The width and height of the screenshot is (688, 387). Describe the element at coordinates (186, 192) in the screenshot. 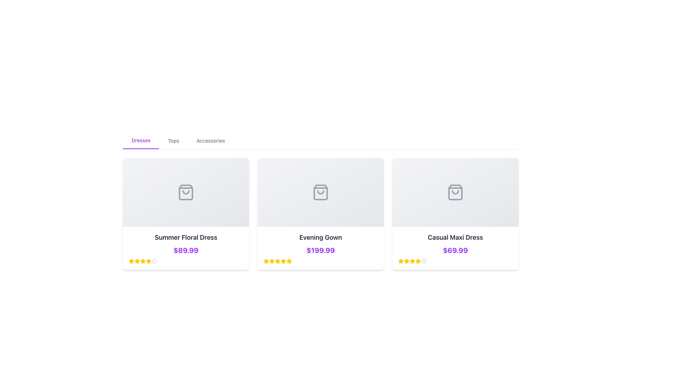

I see `the decorative image placeholder for the 'Summer Floral Dress' product, located at the top center of its product card` at that location.